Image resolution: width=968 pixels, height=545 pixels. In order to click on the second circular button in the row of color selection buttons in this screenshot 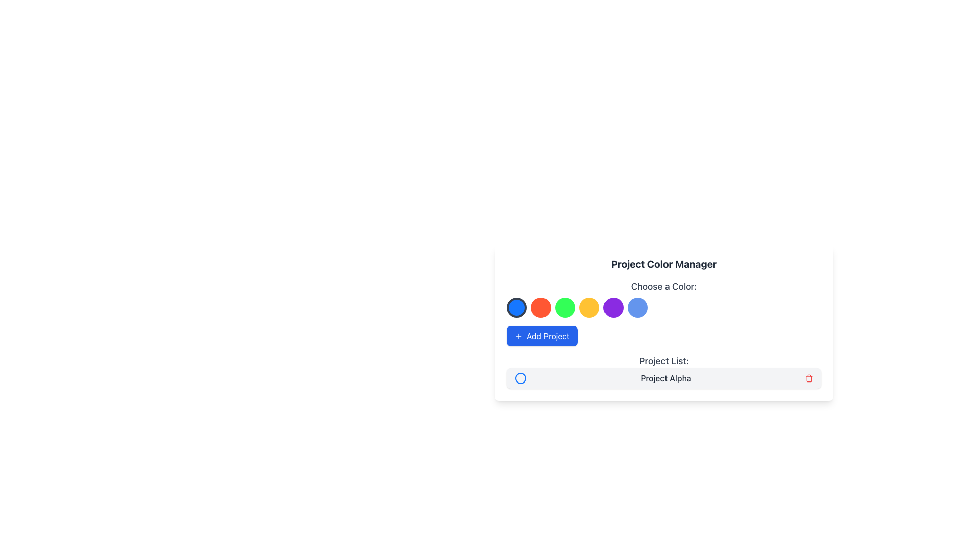, I will do `click(540, 307)`.